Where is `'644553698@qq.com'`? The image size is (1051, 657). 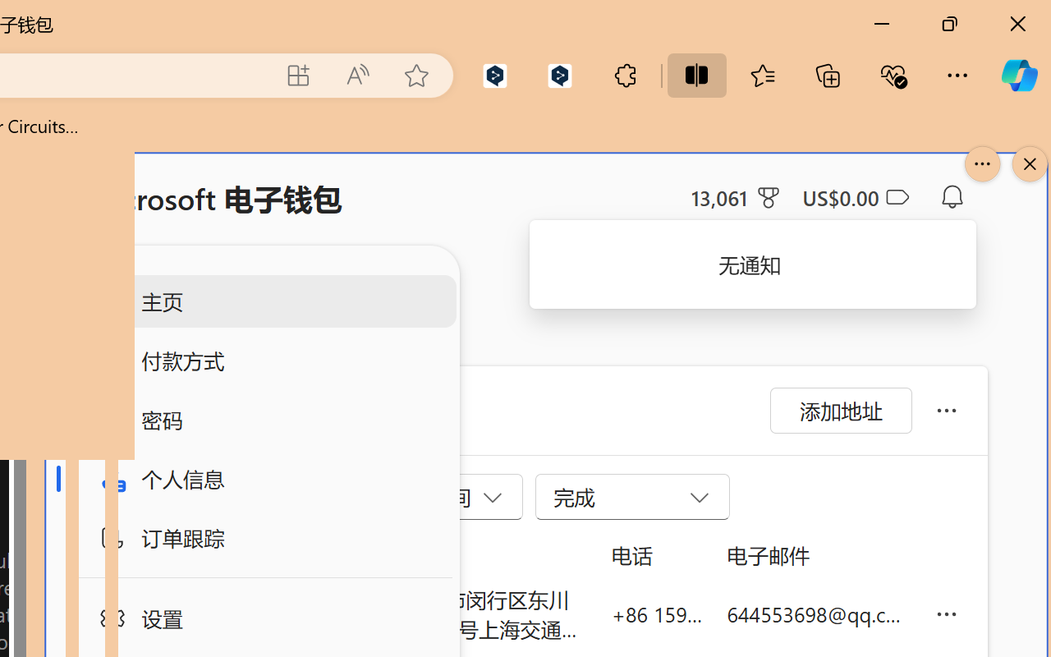 '644553698@qq.com' is located at coordinates (818, 613).